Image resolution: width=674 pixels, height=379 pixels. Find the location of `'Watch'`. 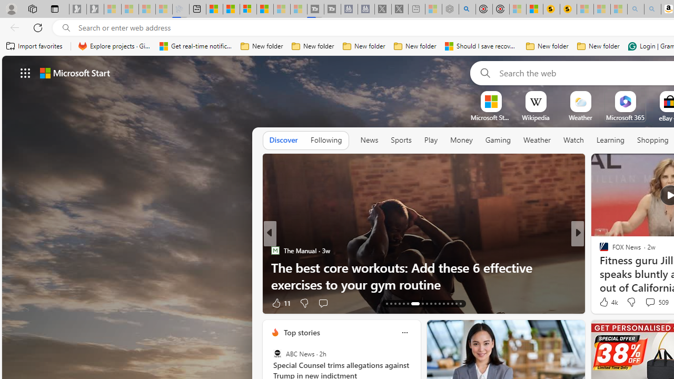

'Watch' is located at coordinates (573, 140).